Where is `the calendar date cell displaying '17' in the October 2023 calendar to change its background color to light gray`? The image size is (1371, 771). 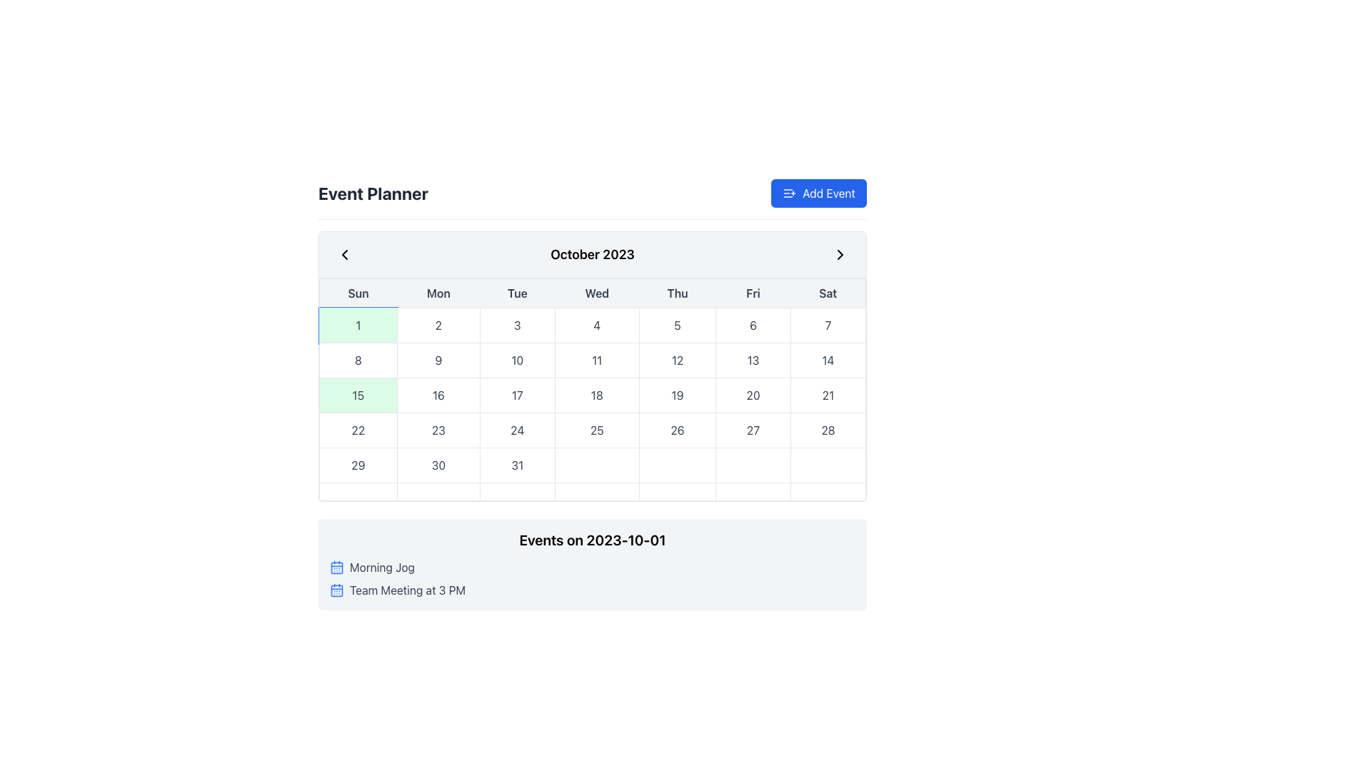 the calendar date cell displaying '17' in the October 2023 calendar to change its background color to light gray is located at coordinates (516, 395).